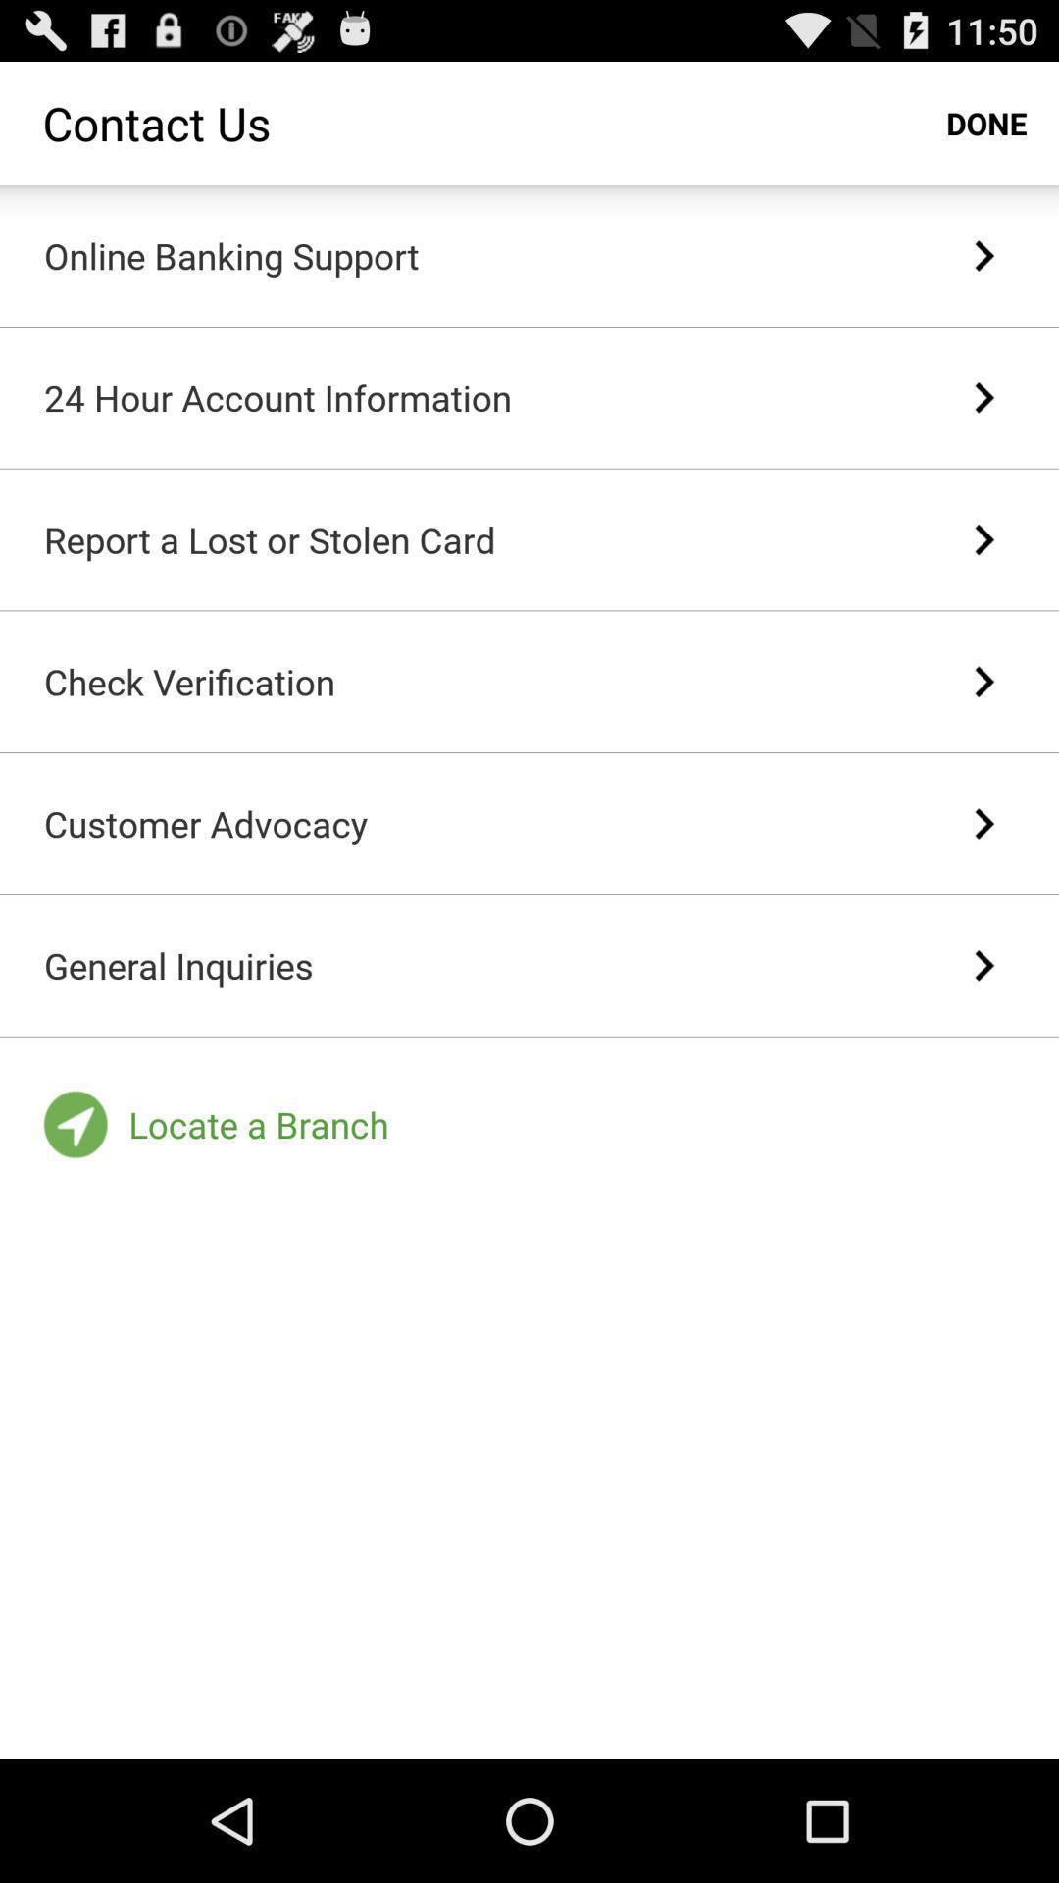 The height and width of the screenshot is (1883, 1059). I want to click on the item to the right of online banking support item, so click(983, 254).